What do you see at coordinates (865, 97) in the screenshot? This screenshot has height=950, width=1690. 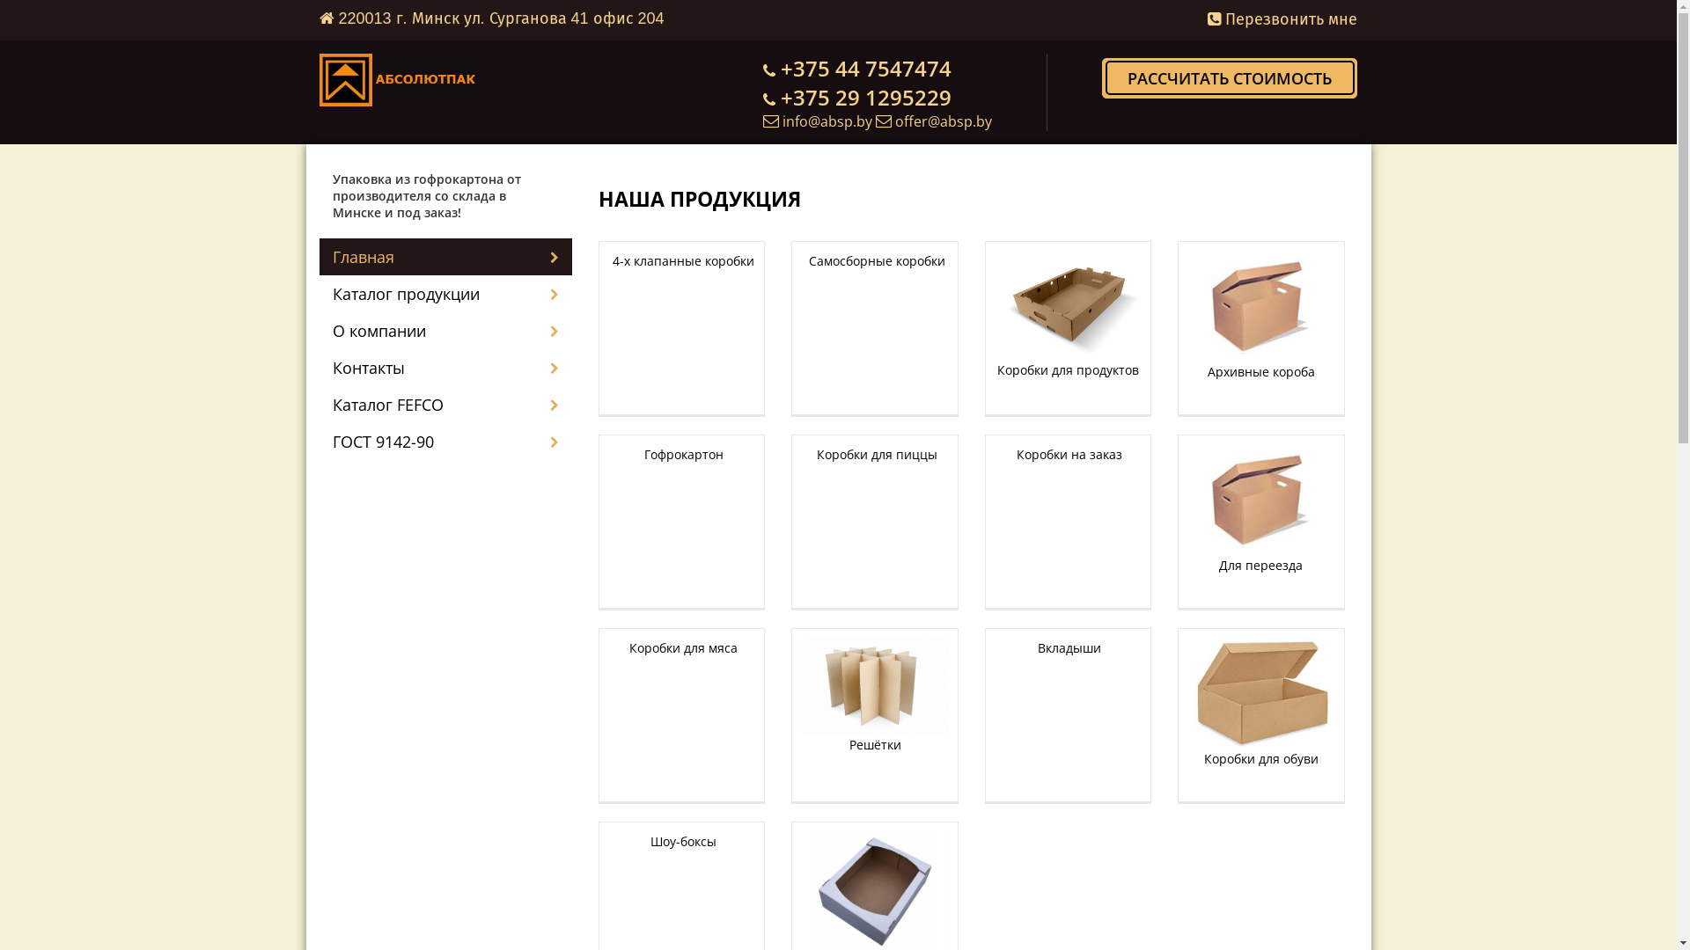 I see `'+375 29 1295229'` at bounding box center [865, 97].